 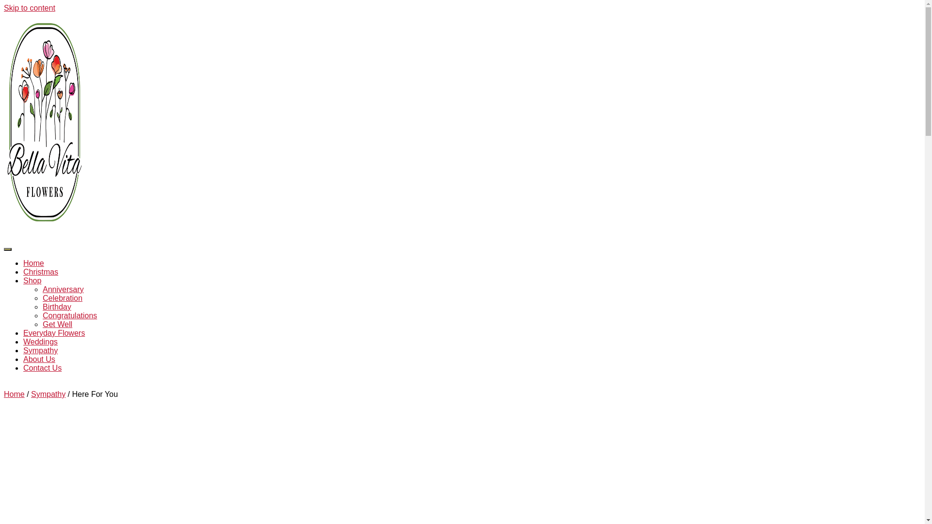 What do you see at coordinates (40, 341) in the screenshot?
I see `'Weddings'` at bounding box center [40, 341].